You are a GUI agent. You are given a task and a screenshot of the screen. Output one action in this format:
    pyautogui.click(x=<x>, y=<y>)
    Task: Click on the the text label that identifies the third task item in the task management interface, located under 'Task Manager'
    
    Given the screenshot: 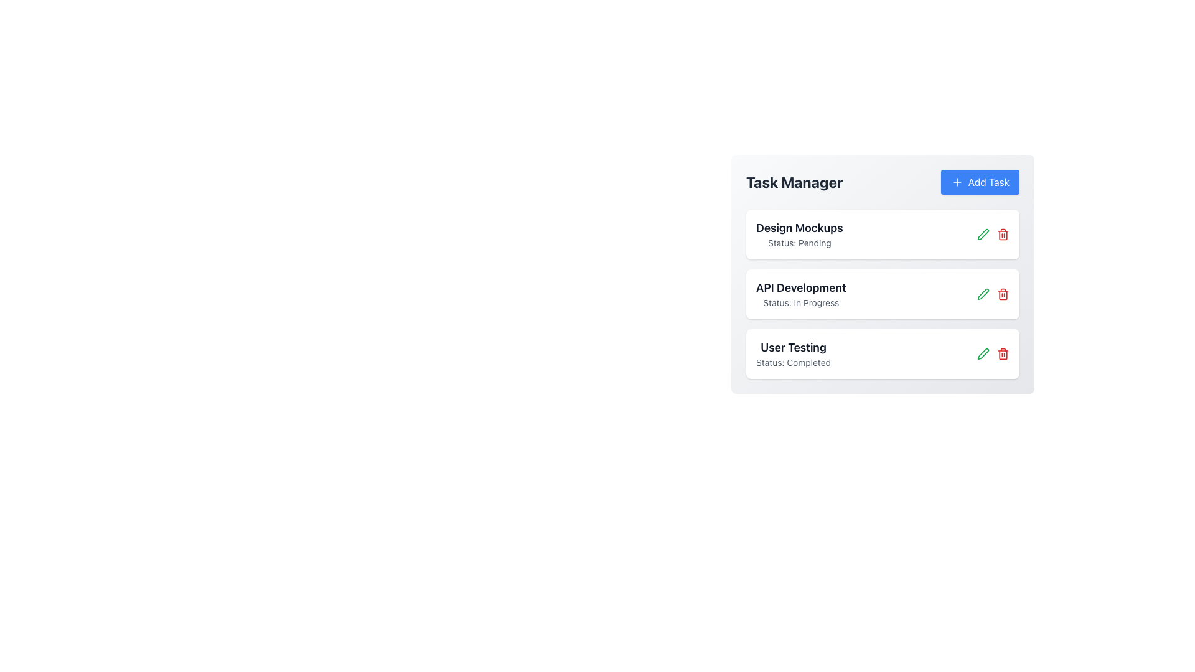 What is the action you would take?
    pyautogui.click(x=793, y=348)
    